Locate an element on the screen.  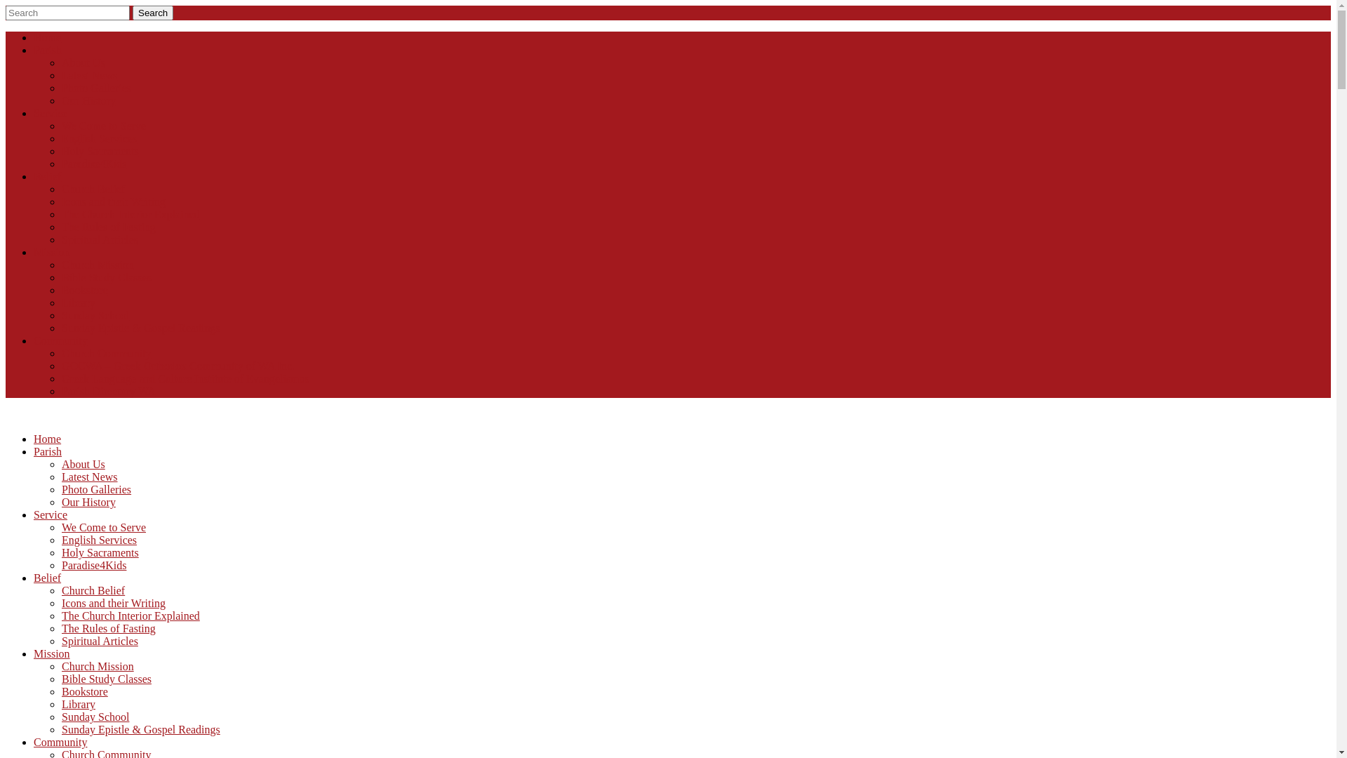
'Parish' is located at coordinates (34, 49).